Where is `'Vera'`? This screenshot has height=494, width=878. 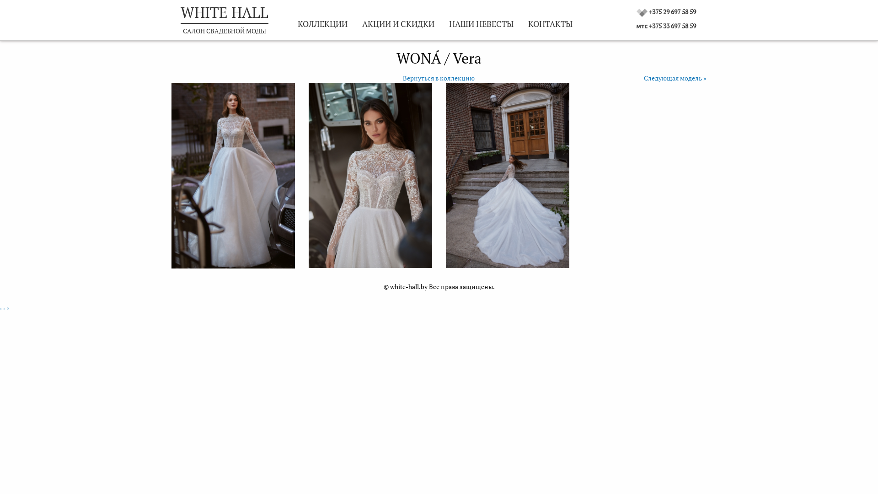
'Vera' is located at coordinates (445, 175).